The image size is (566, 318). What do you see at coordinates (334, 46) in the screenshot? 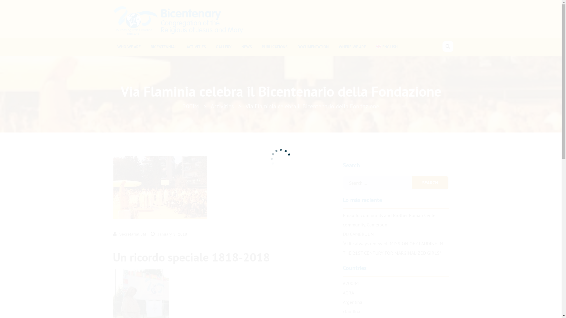
I see `'WHERE WE ARE'` at bounding box center [334, 46].